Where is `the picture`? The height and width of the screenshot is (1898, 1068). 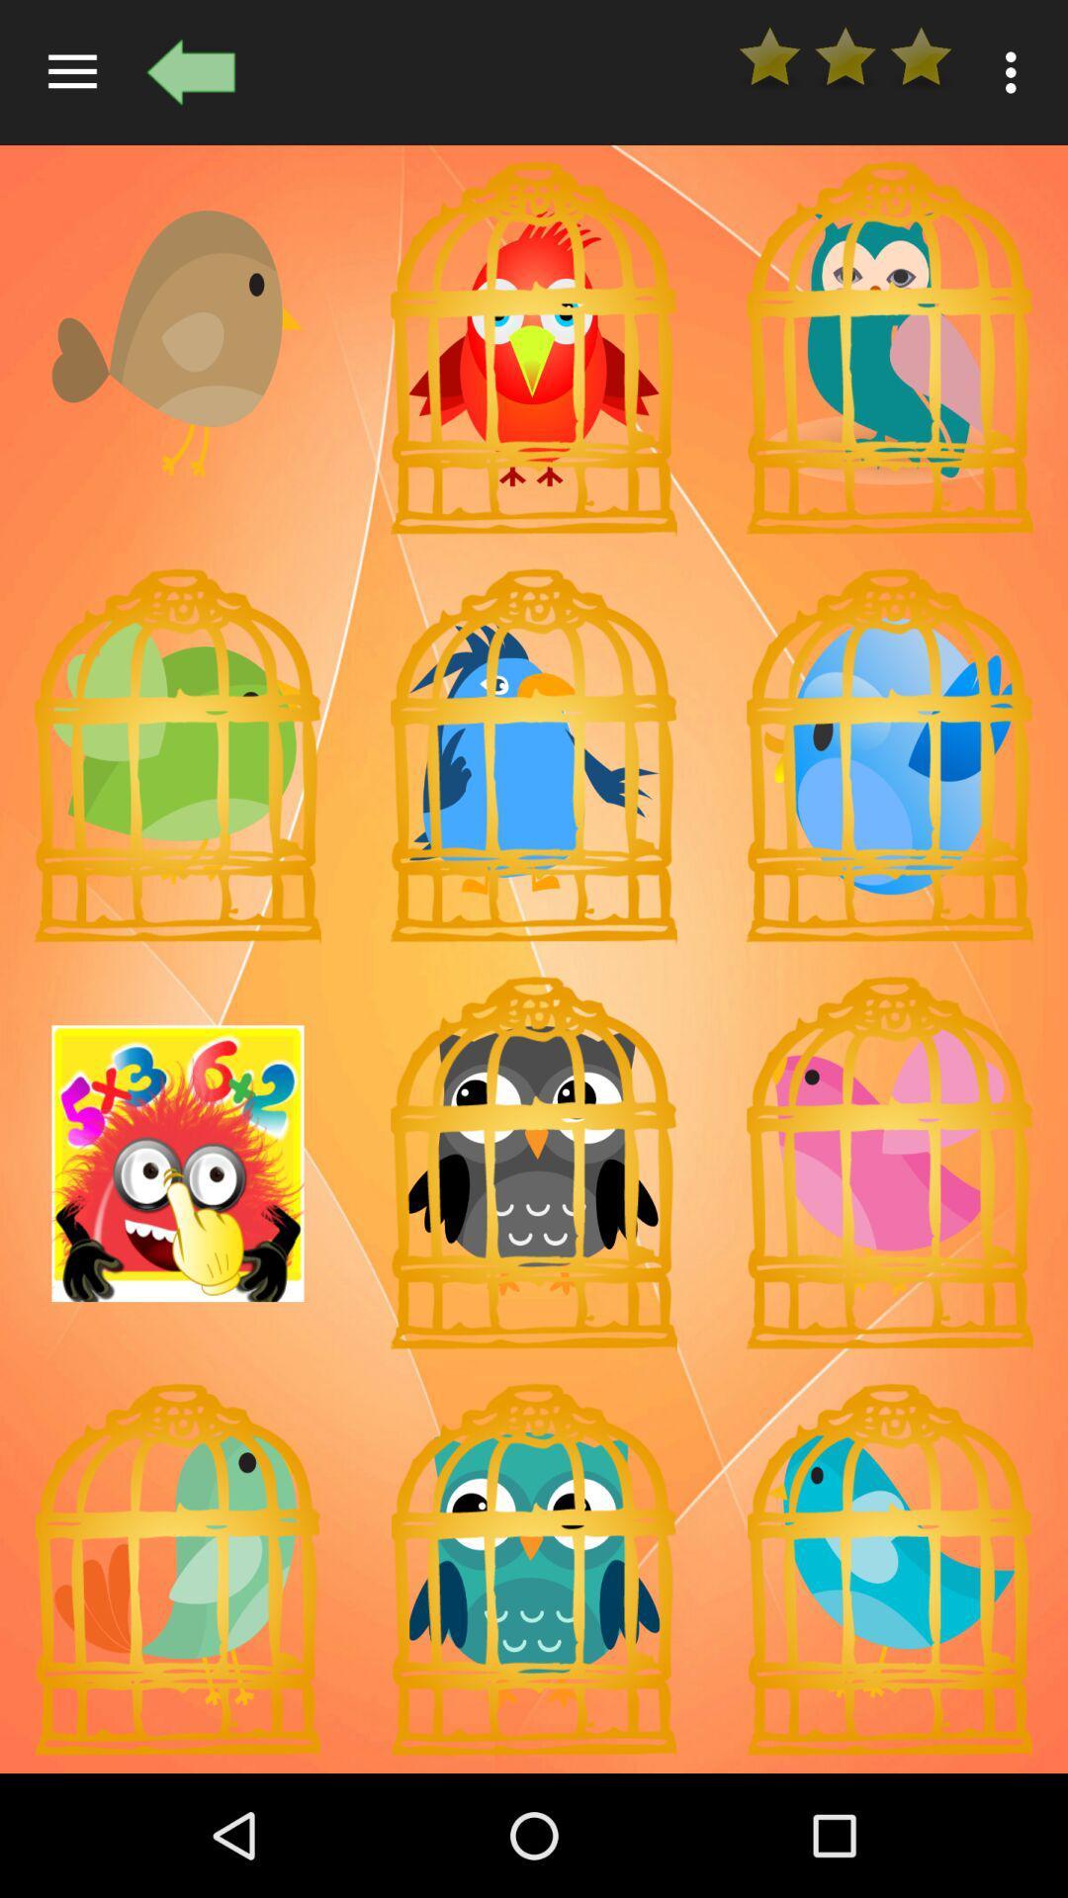 the picture is located at coordinates (178, 754).